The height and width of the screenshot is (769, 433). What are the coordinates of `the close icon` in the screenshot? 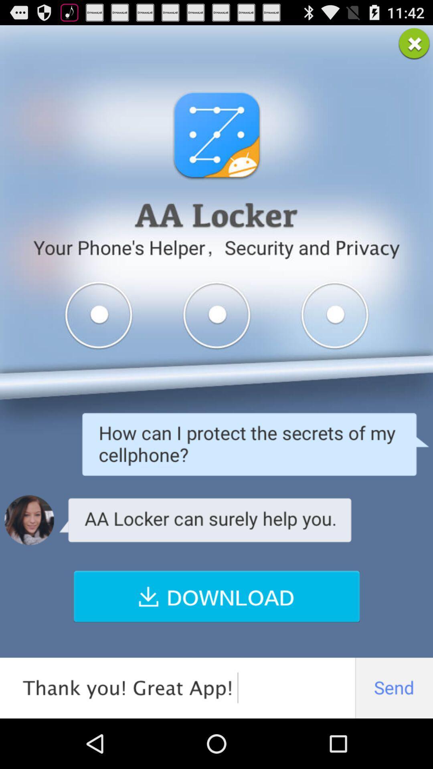 It's located at (414, 46).